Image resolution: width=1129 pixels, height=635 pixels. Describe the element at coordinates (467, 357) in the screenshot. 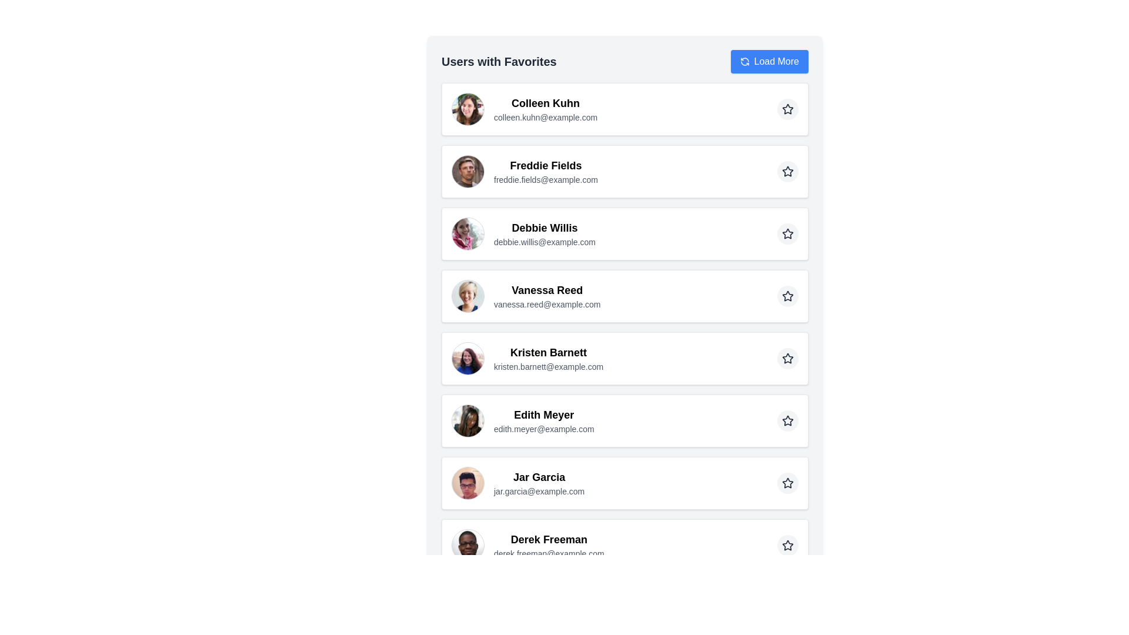

I see `the user's profile picture image, which is located as the fifth item in a vertically stacked list of user information` at that location.